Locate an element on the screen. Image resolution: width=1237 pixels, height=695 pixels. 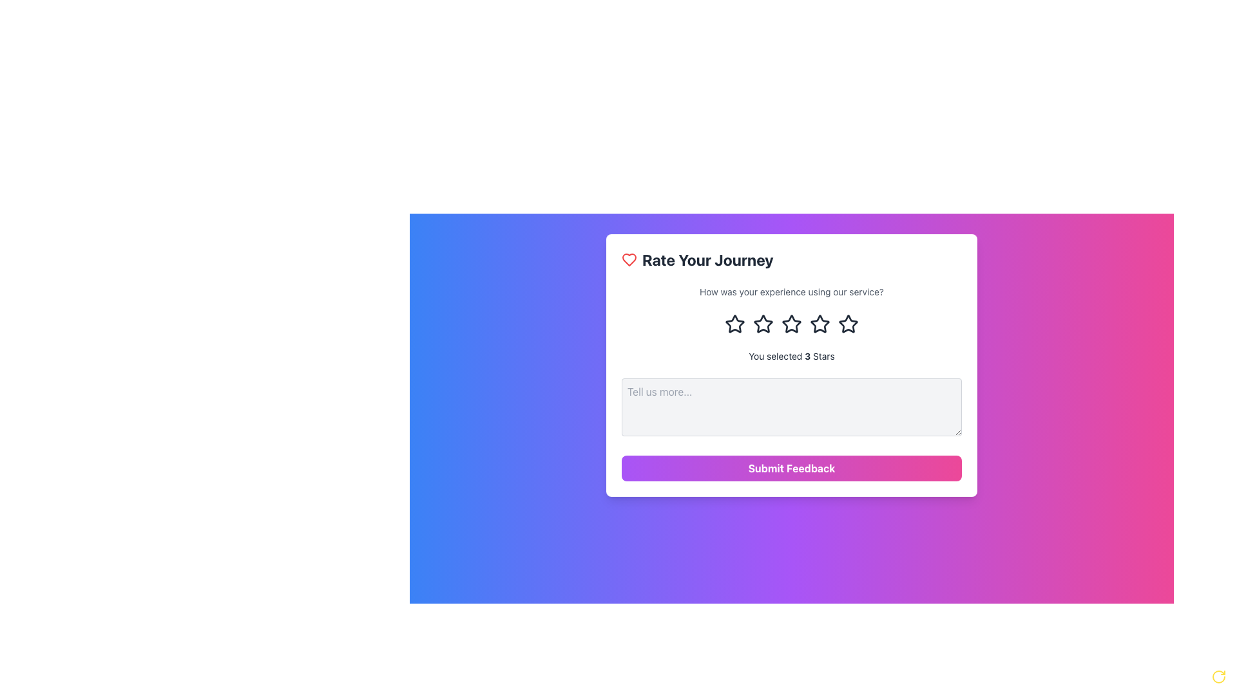
the static text displaying '3' in 'You selected 3 Stars', which indicates the user's star rating in the feedback form modal is located at coordinates (807, 356).